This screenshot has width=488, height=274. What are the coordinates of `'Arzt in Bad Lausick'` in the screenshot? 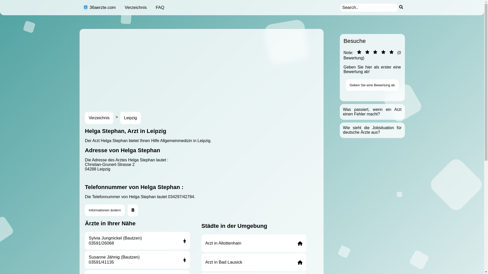 It's located at (254, 262).